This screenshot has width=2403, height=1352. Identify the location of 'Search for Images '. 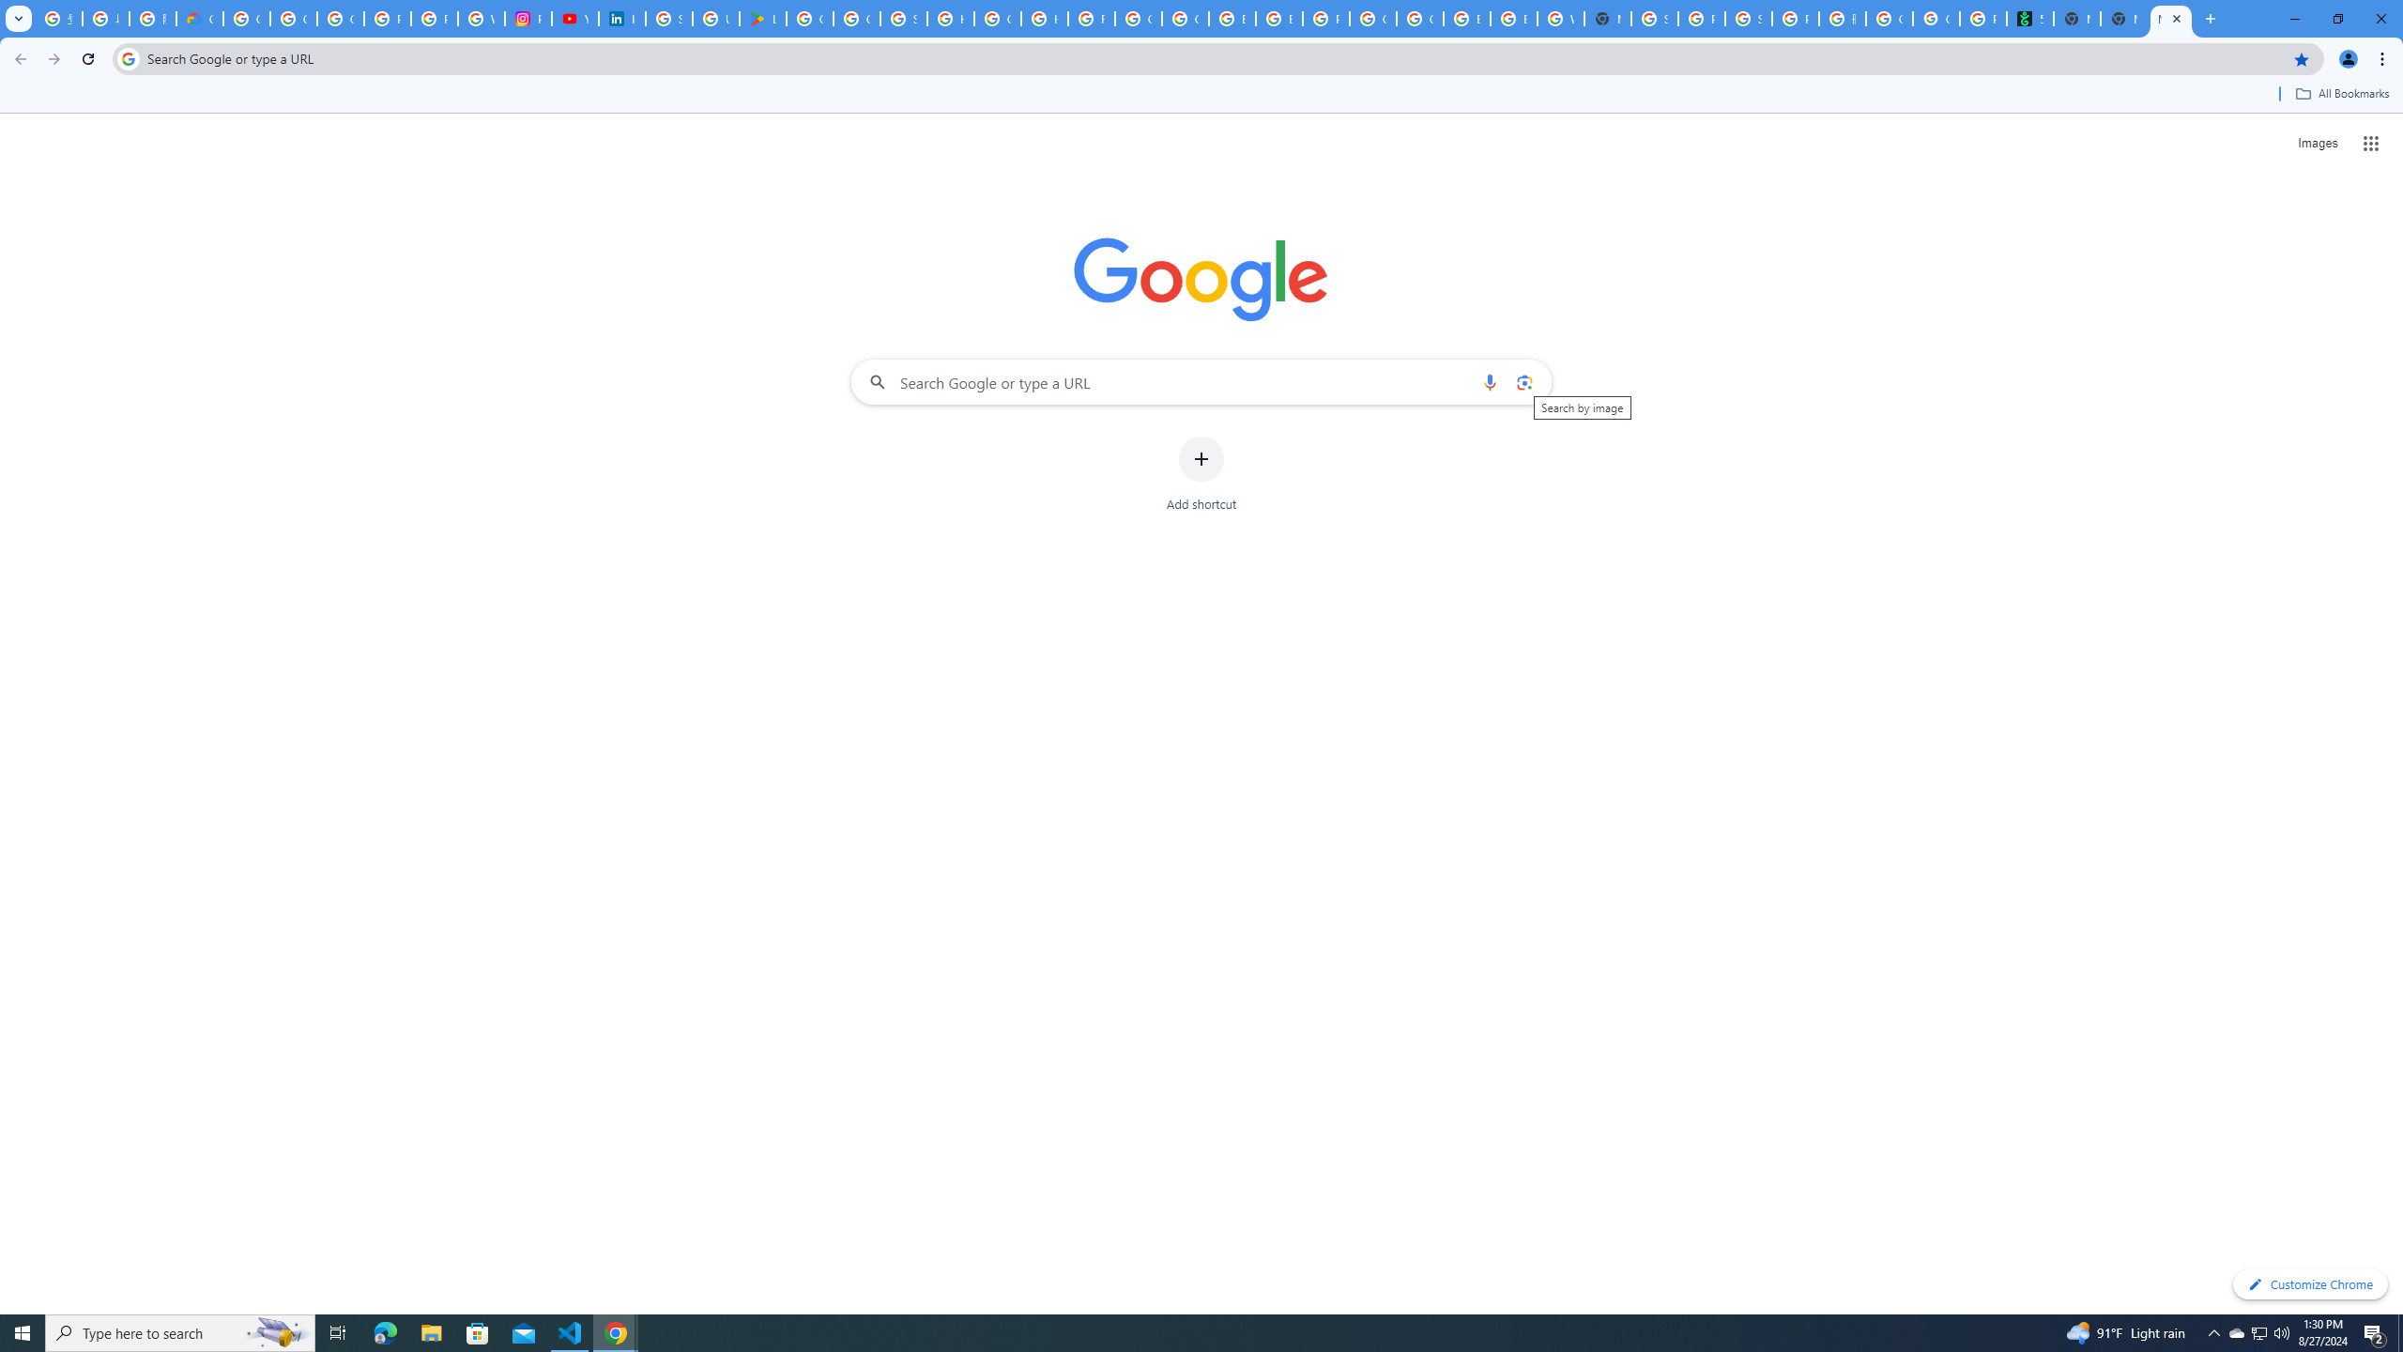
(2318, 144).